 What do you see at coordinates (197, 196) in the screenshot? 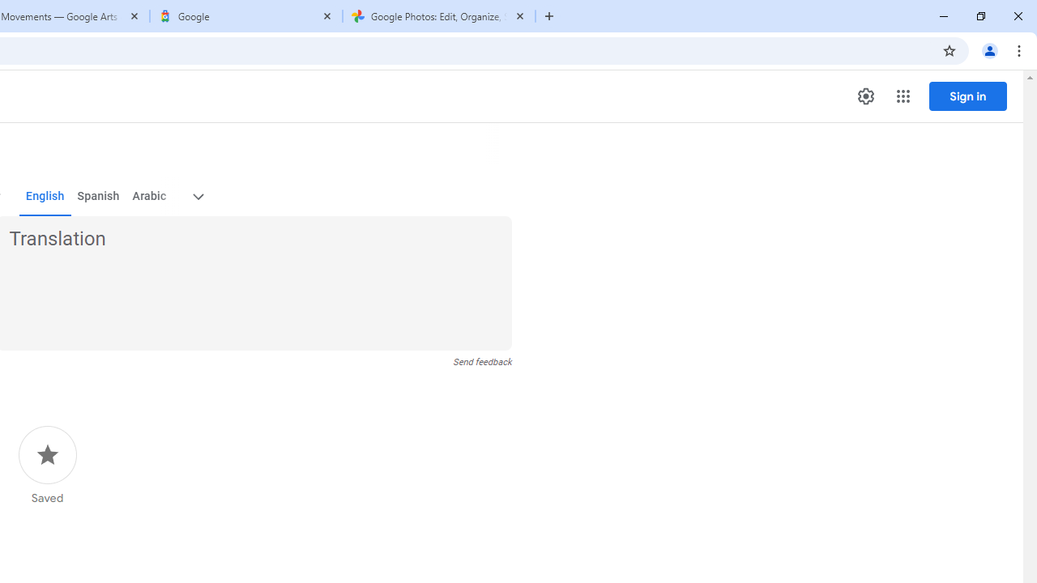
I see `'More target languages'` at bounding box center [197, 196].